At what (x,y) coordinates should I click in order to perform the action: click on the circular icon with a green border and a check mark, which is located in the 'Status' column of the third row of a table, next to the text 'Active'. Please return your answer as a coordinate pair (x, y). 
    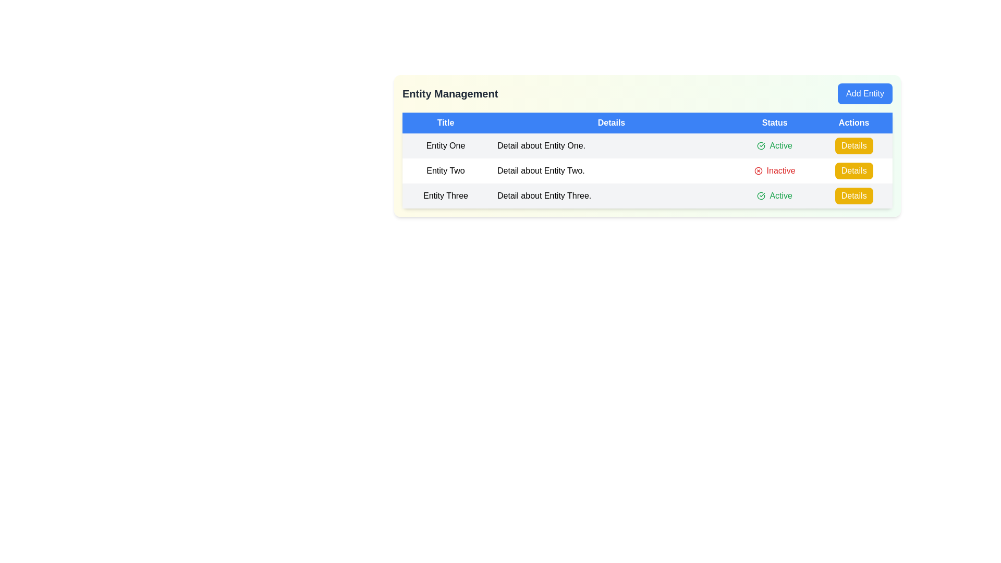
    Looking at the image, I should click on (761, 195).